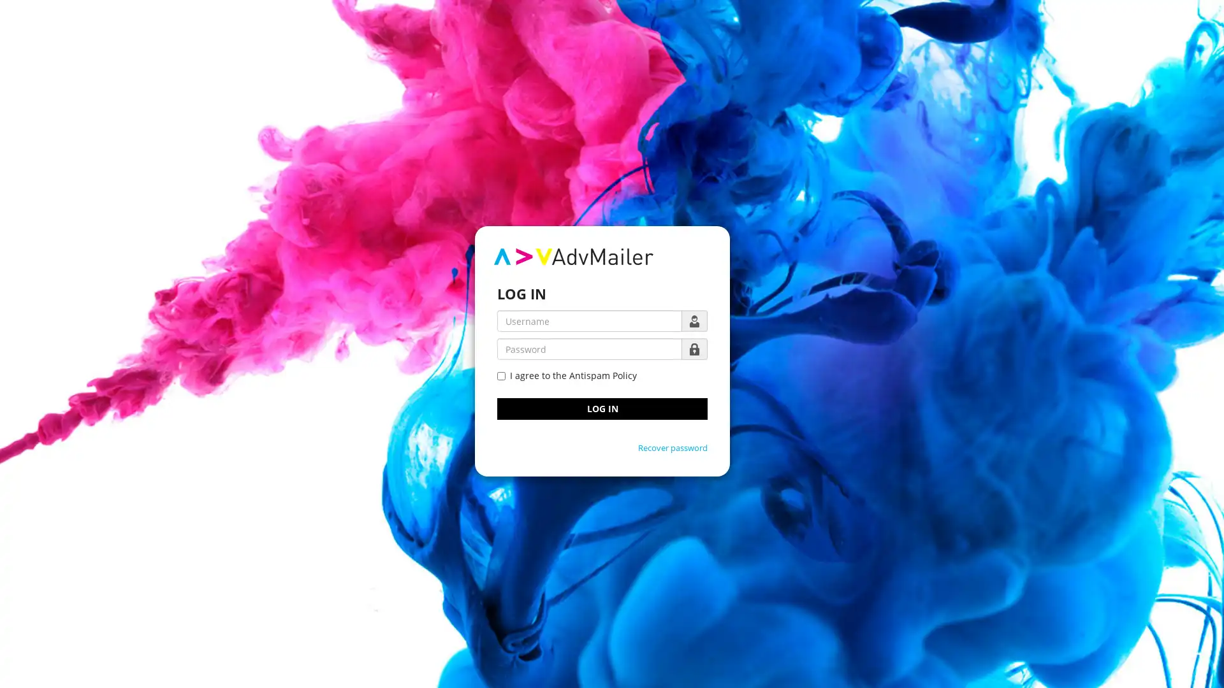  Describe the element at coordinates (602, 408) in the screenshot. I see `LOG IN` at that location.